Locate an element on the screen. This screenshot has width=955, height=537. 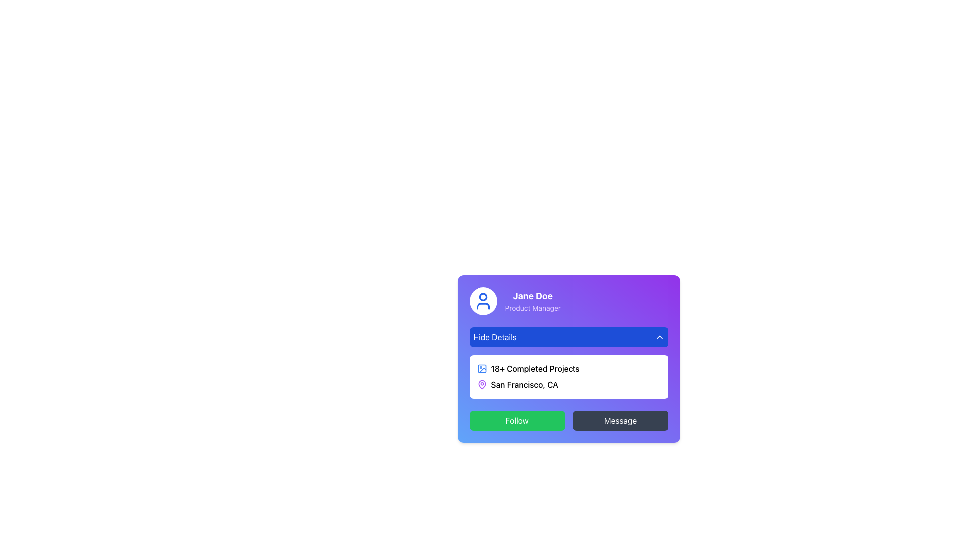
the static text label that displays the job title or role description of 'Jane Doe', located below her name and above the button group is located at coordinates (532, 308).